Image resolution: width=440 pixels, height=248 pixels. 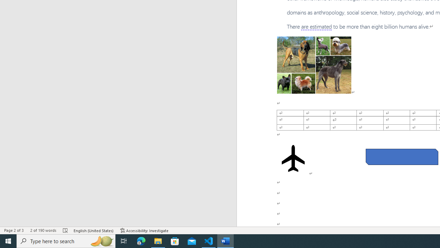 What do you see at coordinates (14, 230) in the screenshot?
I see `'Page Number Page 2 of 3'` at bounding box center [14, 230].